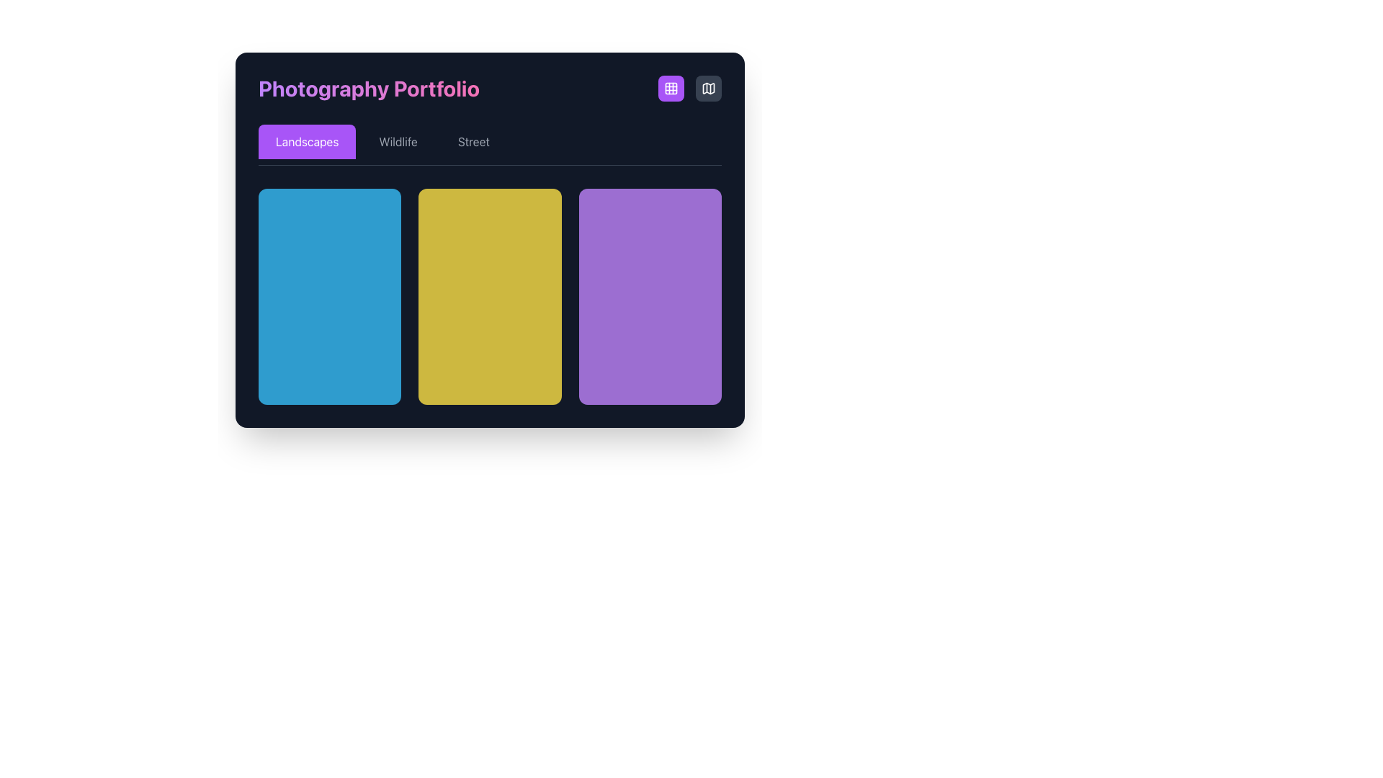 The width and height of the screenshot is (1383, 778). What do you see at coordinates (708, 89) in the screenshot?
I see `the small, square button with a dark gray background and a white map icon located at the top-right corner of the interface` at bounding box center [708, 89].